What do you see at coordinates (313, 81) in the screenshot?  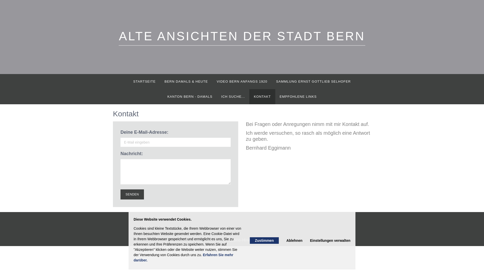 I see `'SAMMLUNG ERNST GOTTLIEB SELHOFER'` at bounding box center [313, 81].